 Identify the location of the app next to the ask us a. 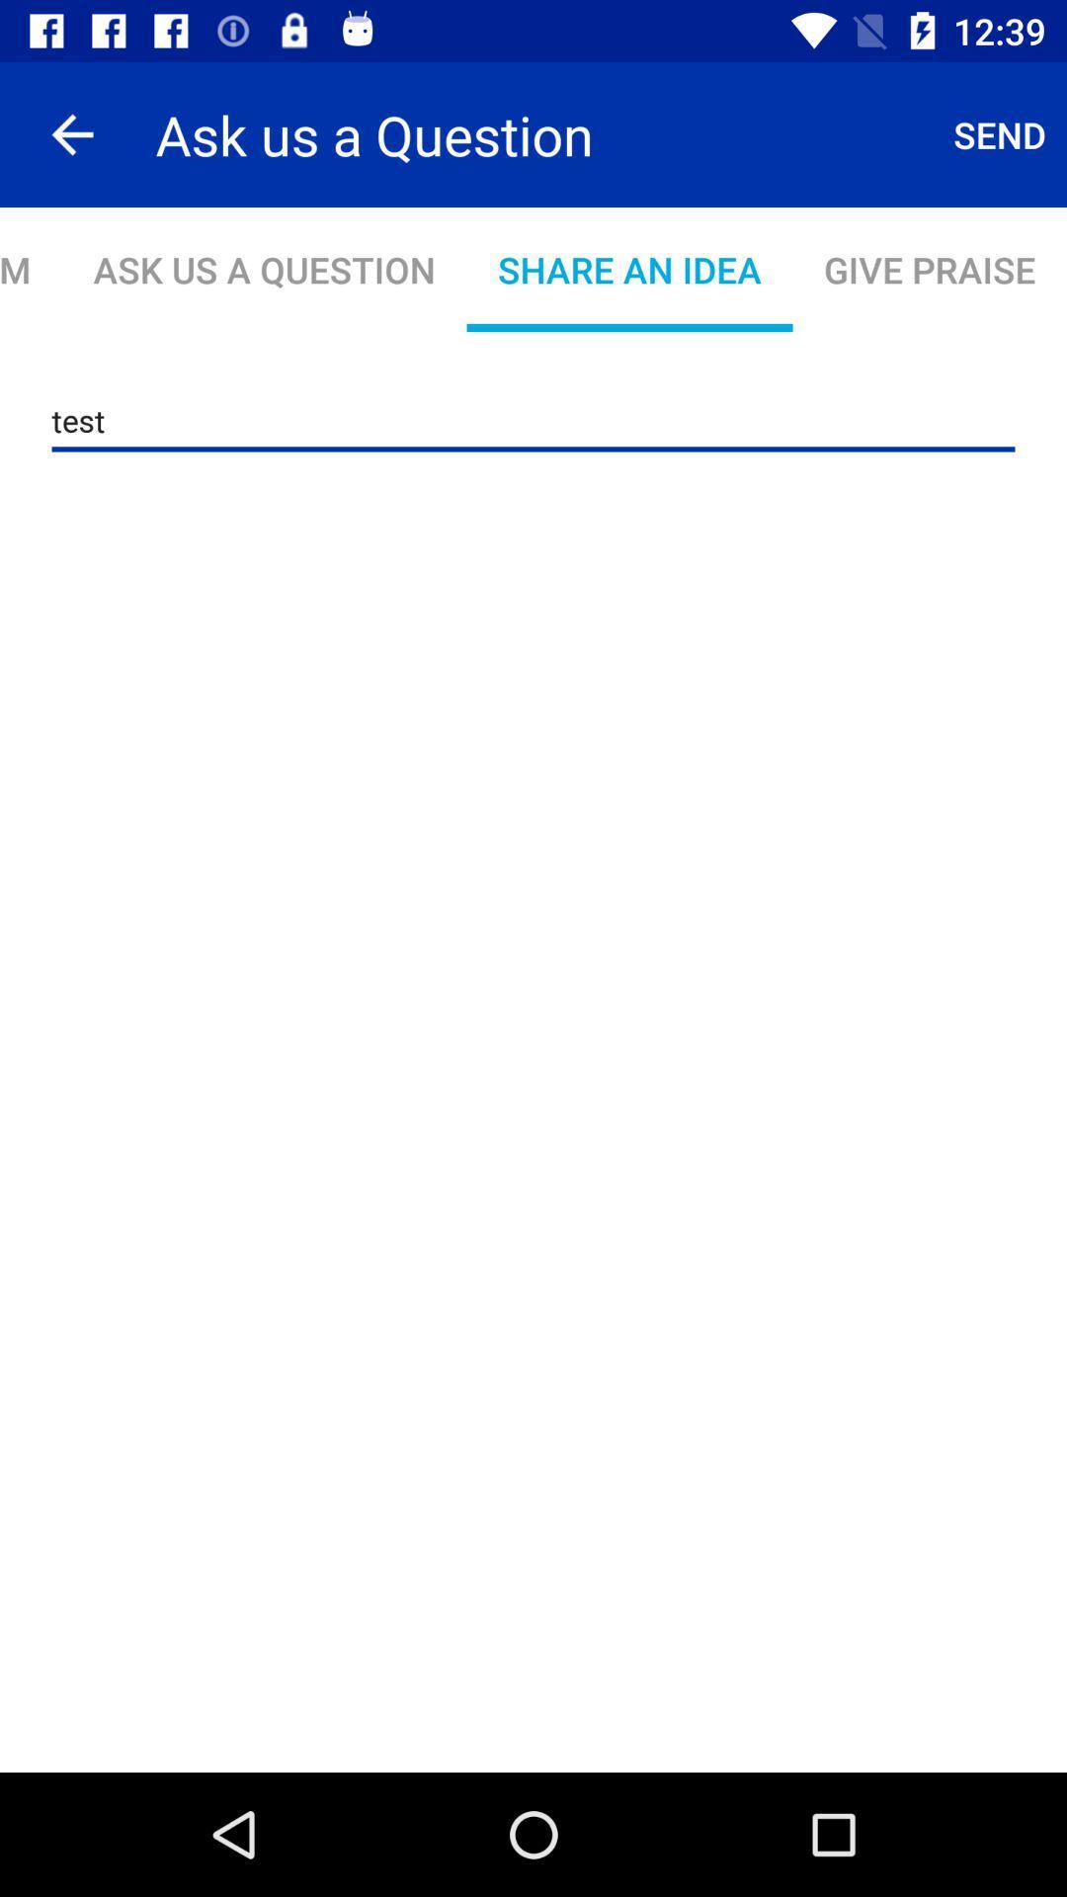
(71, 133).